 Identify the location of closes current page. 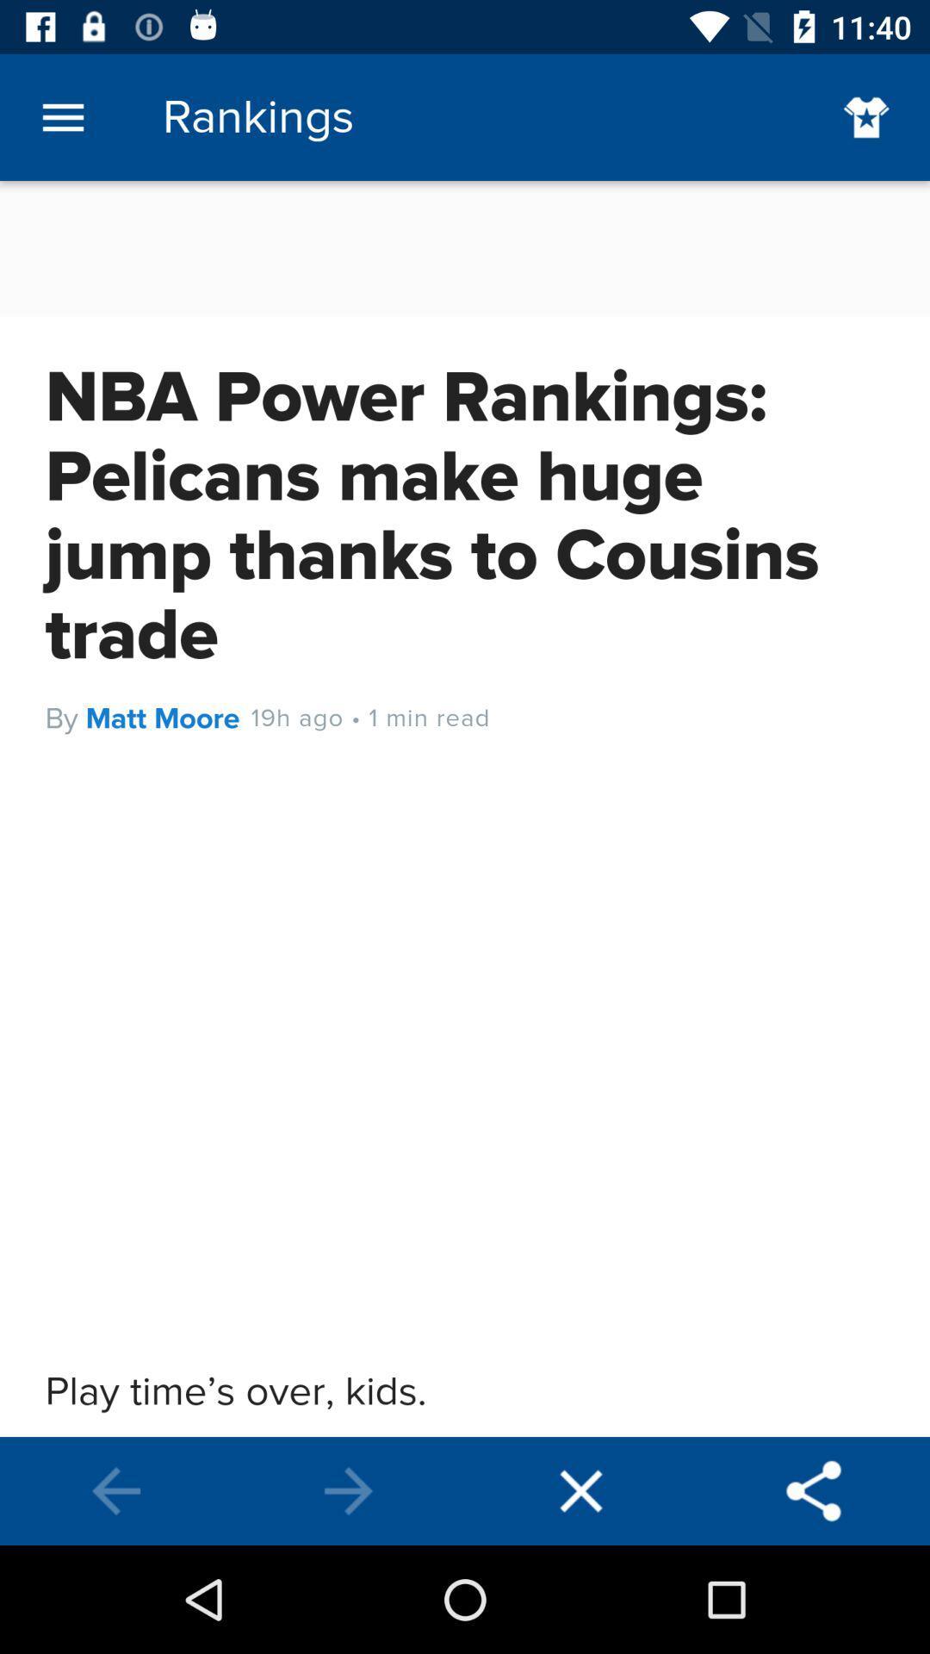
(581, 1490).